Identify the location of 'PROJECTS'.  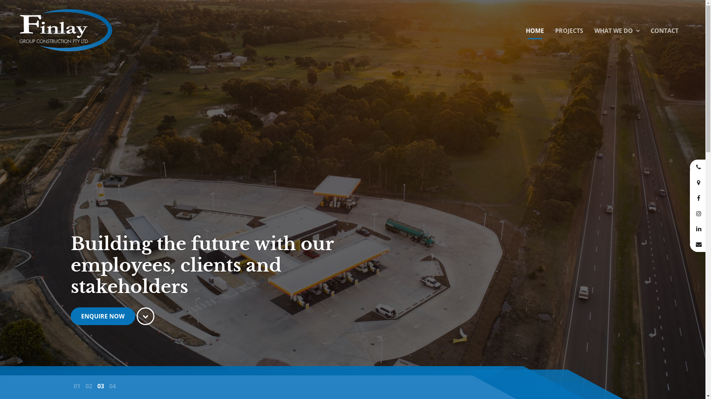
(568, 31).